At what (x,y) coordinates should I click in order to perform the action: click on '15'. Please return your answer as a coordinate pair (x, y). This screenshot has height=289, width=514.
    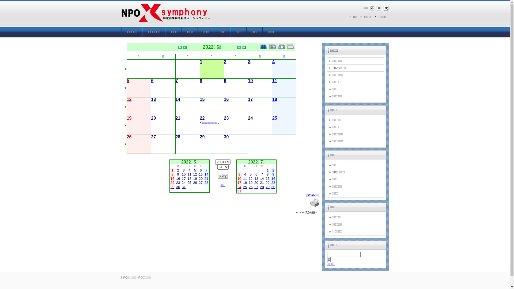
    Looking at the image, I should click on (202, 100).